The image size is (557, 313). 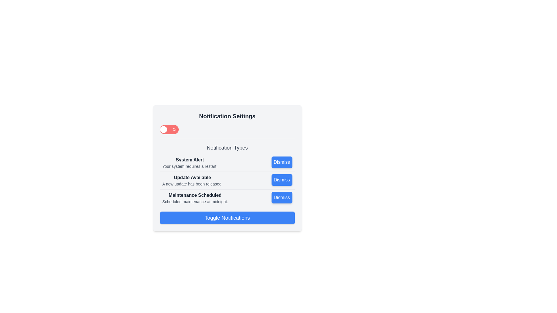 What do you see at coordinates (192, 184) in the screenshot?
I see `text label that provides information about the release of a new update, located centrally below the 'Update Available' title in the notification card section` at bounding box center [192, 184].